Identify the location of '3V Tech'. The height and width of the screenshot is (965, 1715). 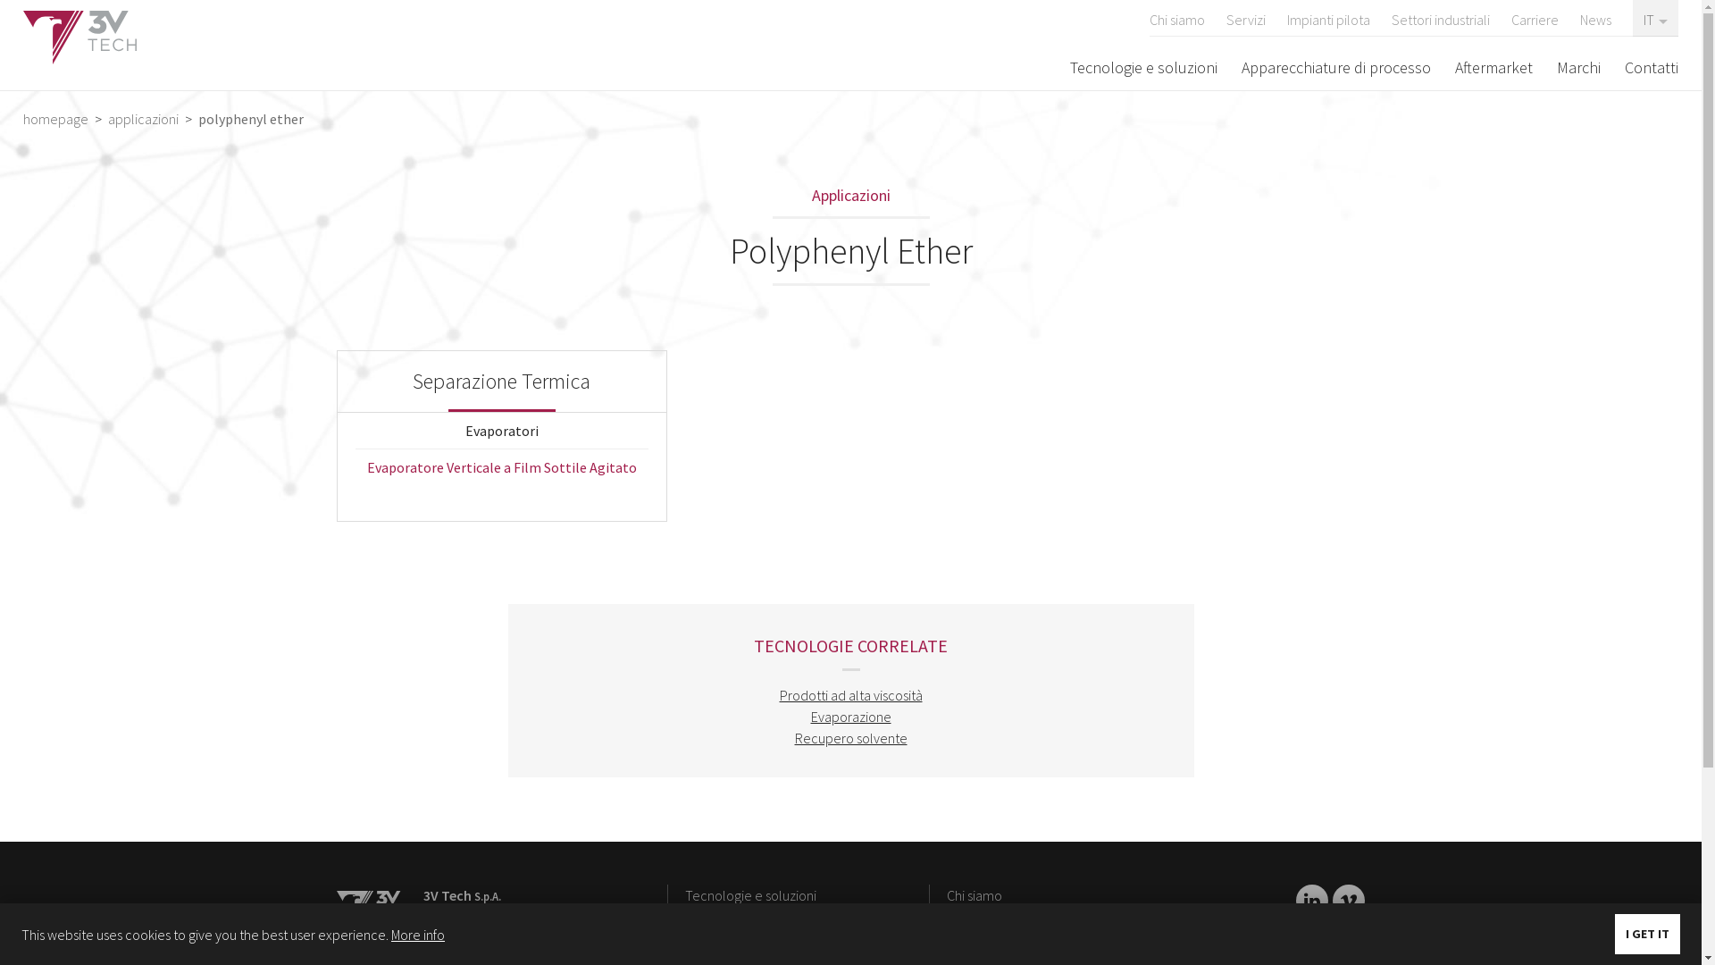
(79, 38).